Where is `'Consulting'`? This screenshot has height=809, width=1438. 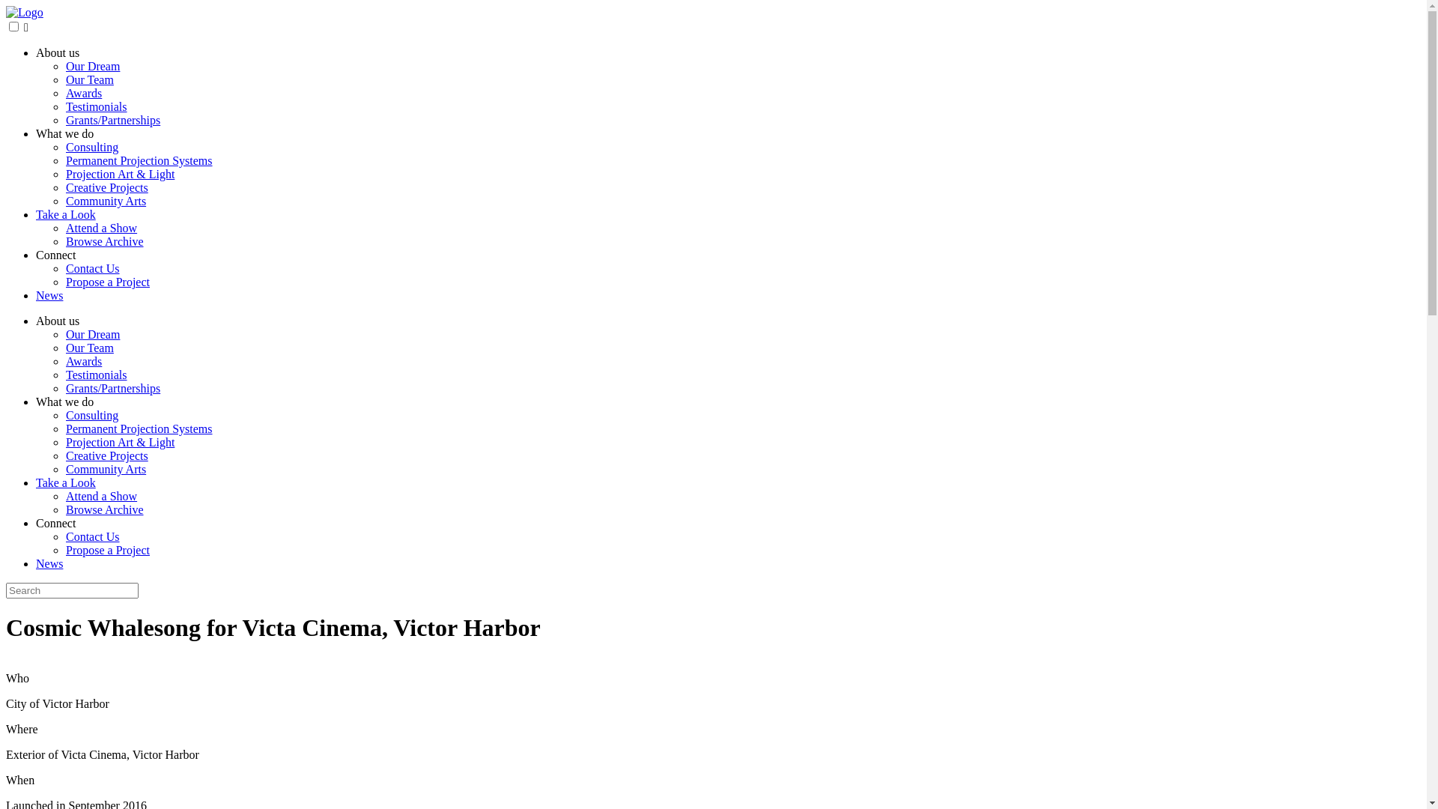
'Consulting' is located at coordinates (91, 415).